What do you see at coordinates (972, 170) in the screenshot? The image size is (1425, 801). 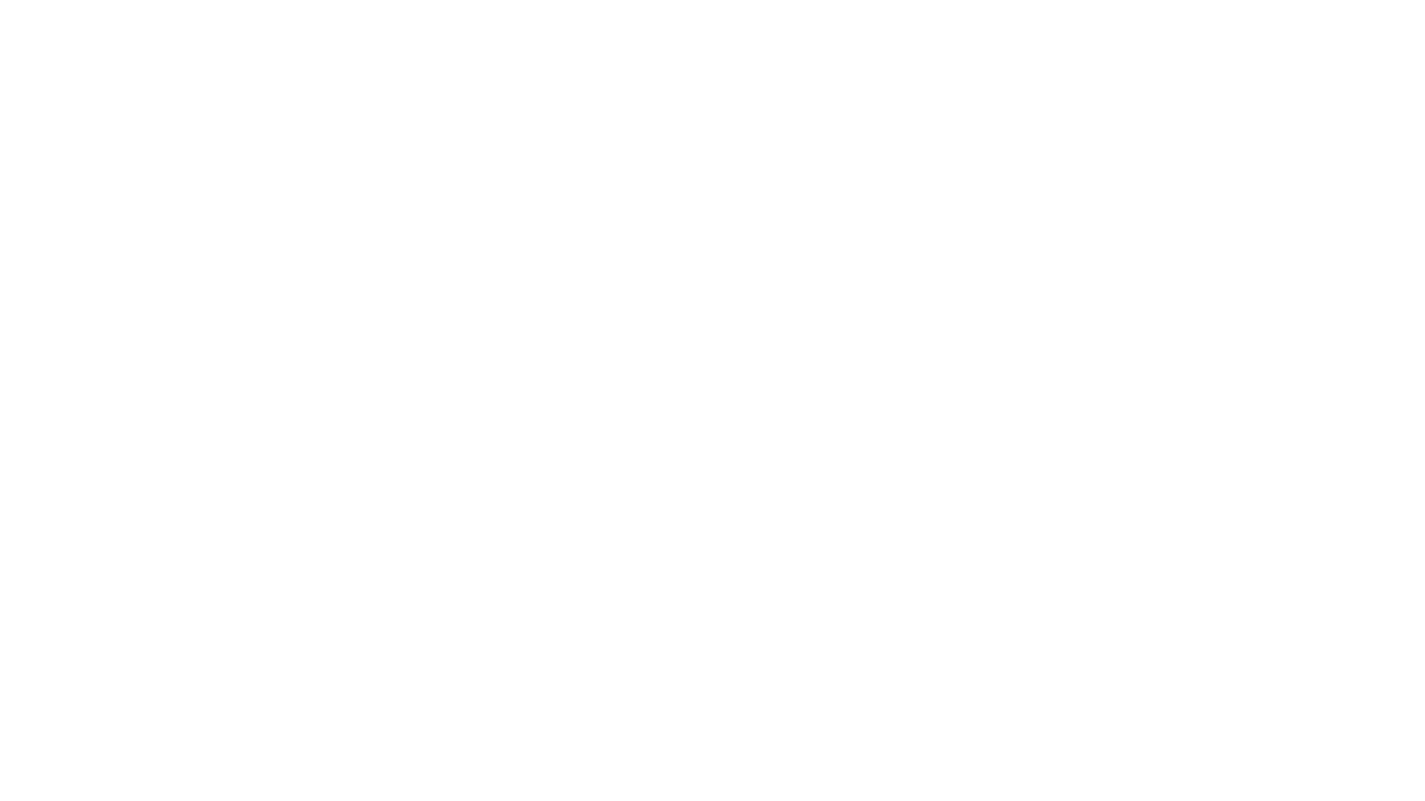 I see `Marina Corella Tor` at bounding box center [972, 170].